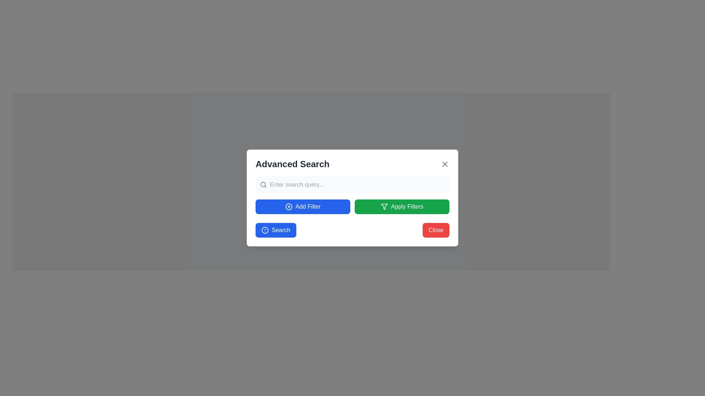 Image resolution: width=705 pixels, height=396 pixels. I want to click on the SVG circle element that is part of the 'Add Filter' button in the 'Advanced Search' modal, which is the first button from the left in the second row of buttons, so click(288, 206).